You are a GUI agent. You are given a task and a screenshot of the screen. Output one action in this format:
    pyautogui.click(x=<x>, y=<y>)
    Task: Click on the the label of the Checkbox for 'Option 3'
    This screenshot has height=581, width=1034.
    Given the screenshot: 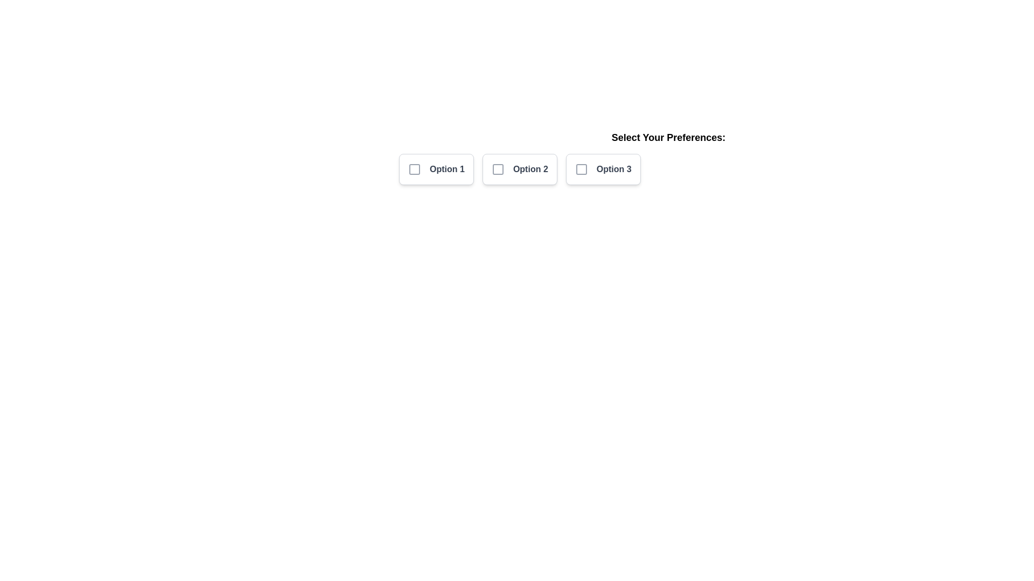 What is the action you would take?
    pyautogui.click(x=603, y=169)
    